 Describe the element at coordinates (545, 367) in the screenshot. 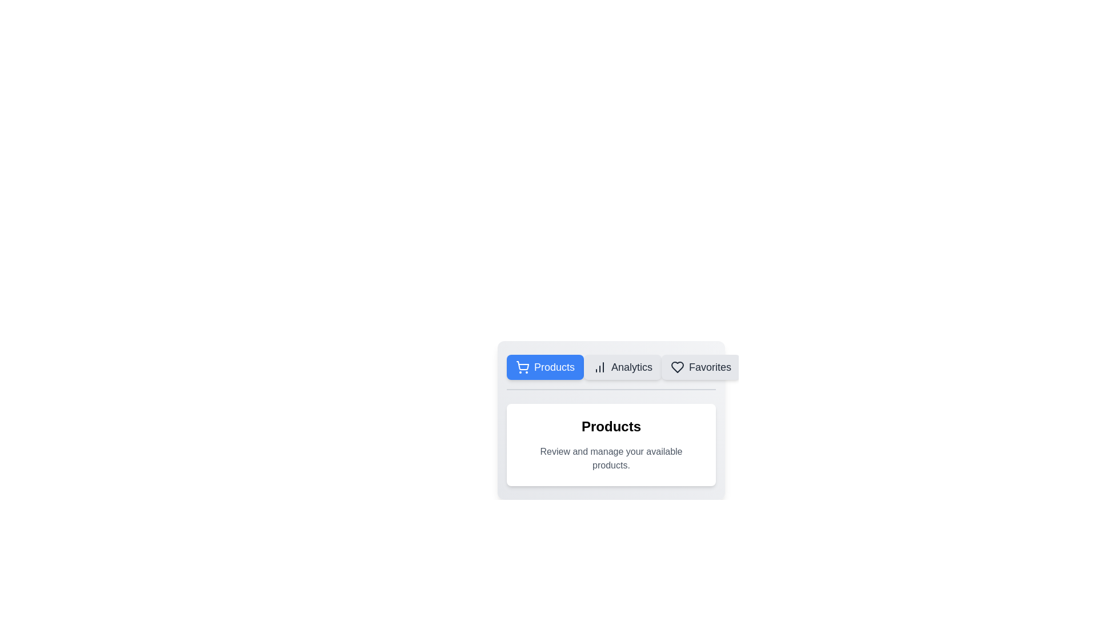

I see `the 'Products' navigation button located on the left side of the button group` at that location.